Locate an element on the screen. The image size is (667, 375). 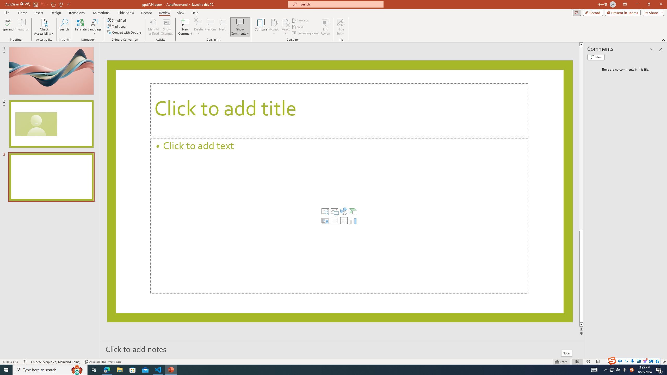
'Accept' is located at coordinates (274, 27).